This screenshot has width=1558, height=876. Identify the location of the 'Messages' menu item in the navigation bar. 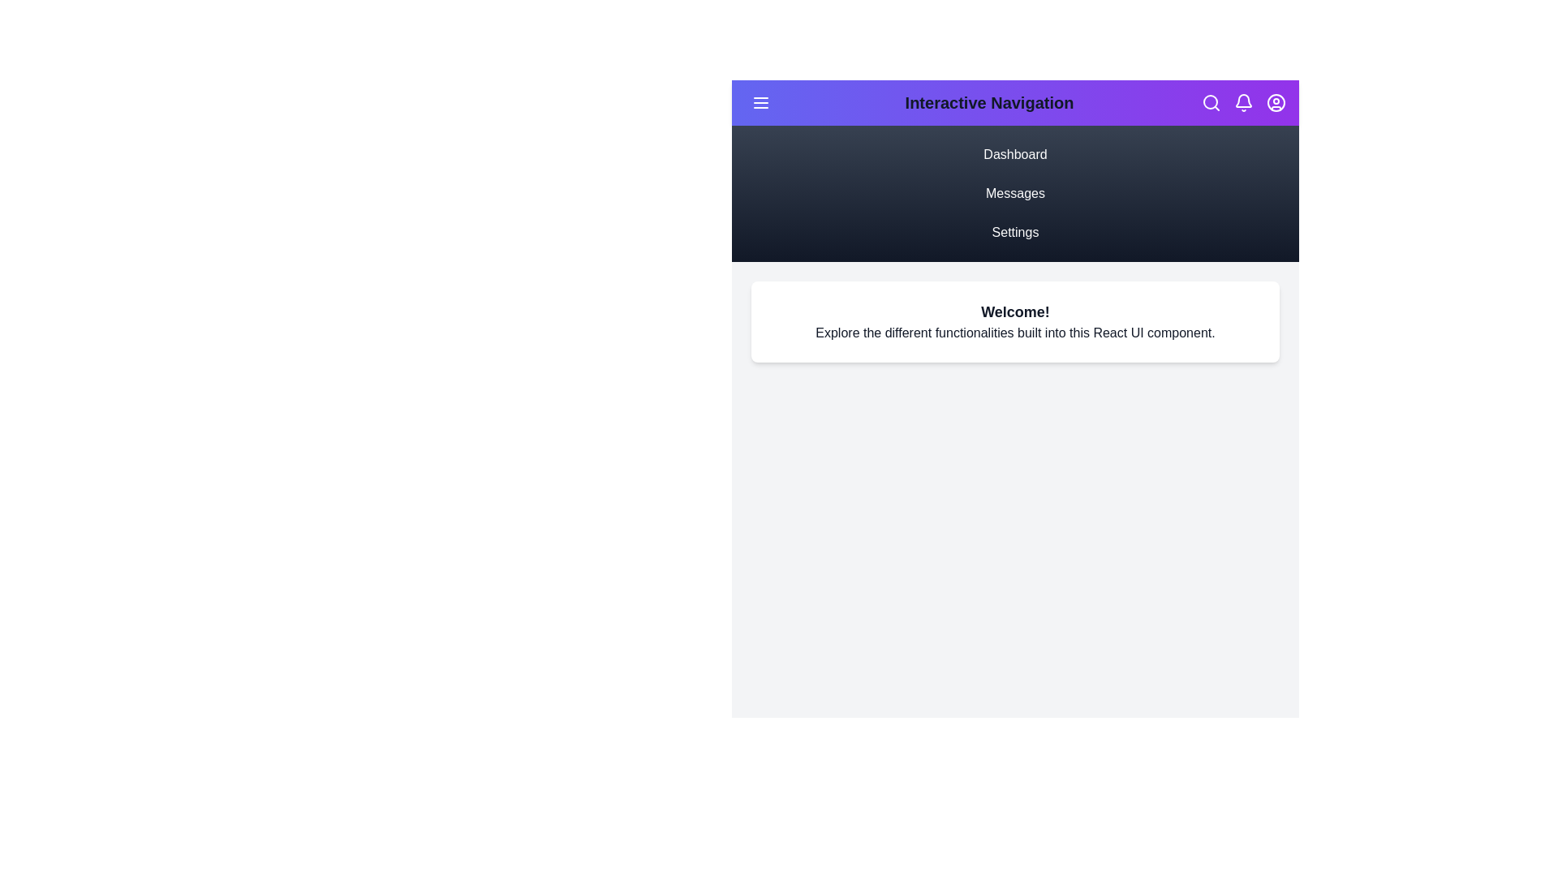
(1014, 193).